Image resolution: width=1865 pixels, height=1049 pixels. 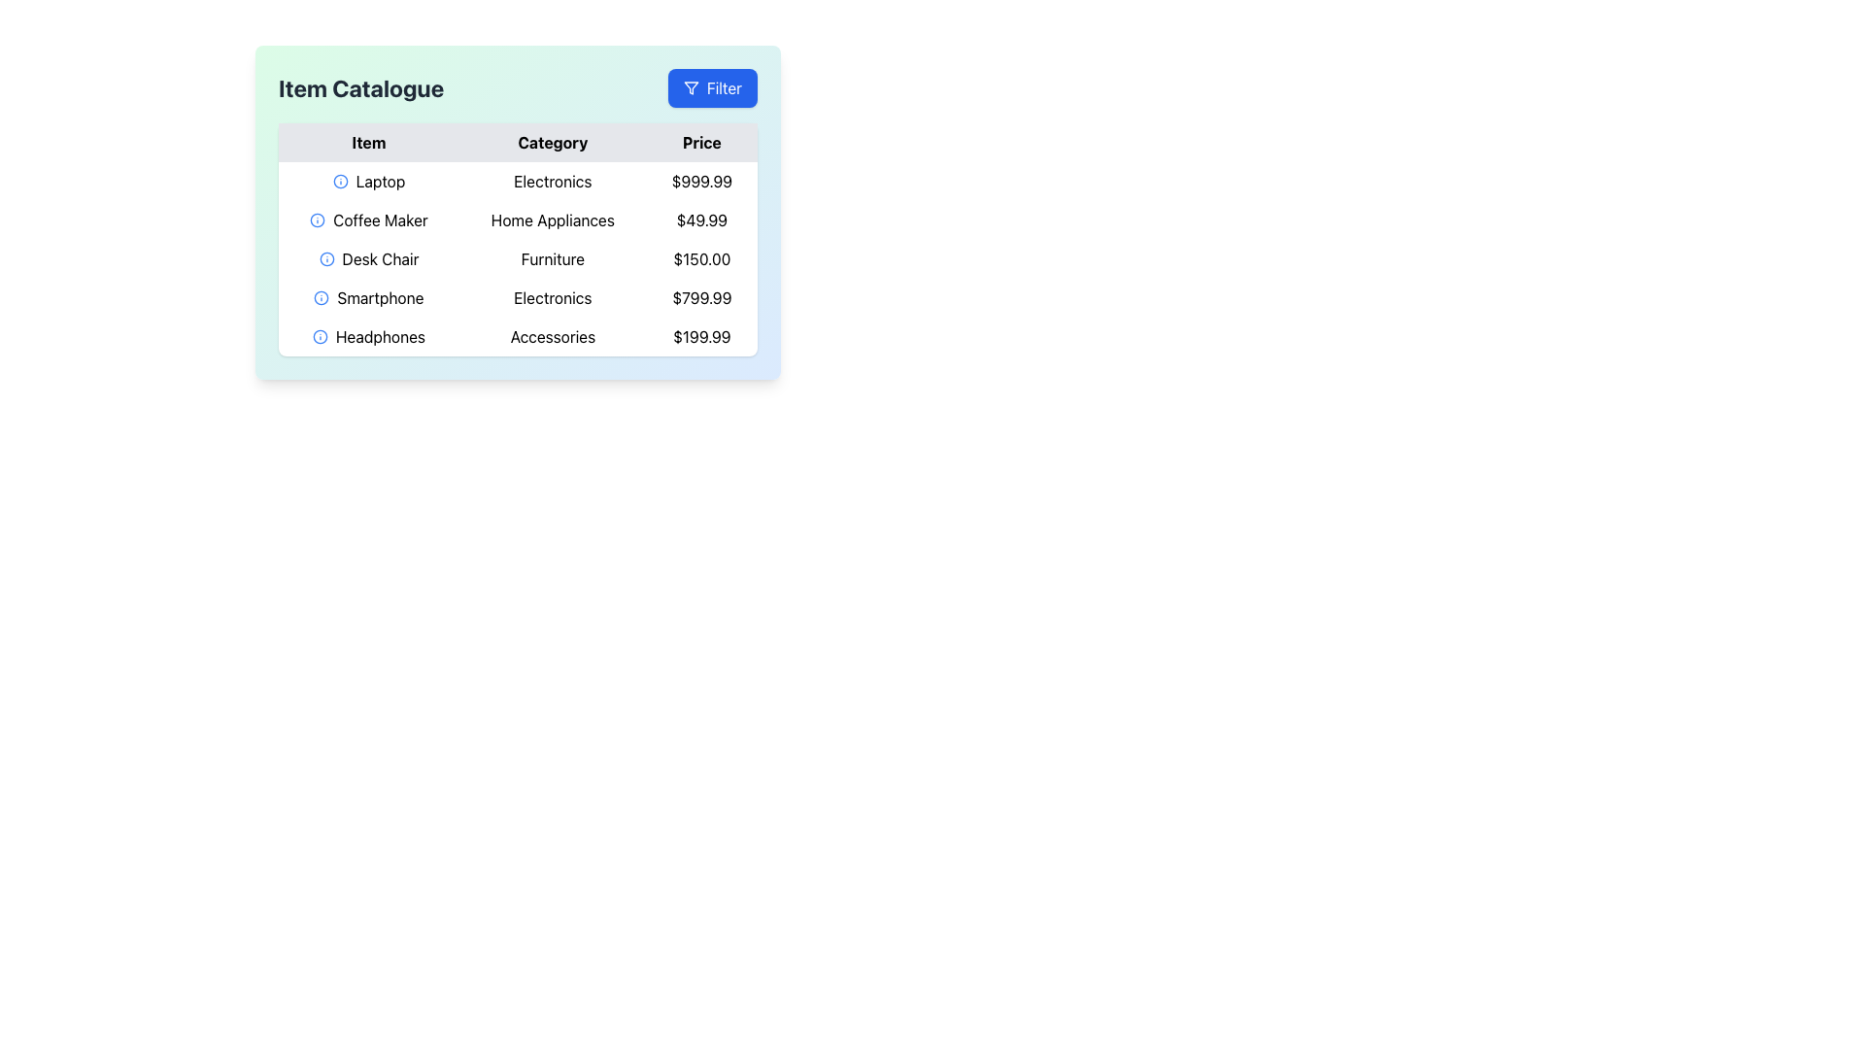 I want to click on the Text label displaying 'Smartphone' in the third row of the 'Item' column of the 'Item Catalogue' table, so click(x=368, y=298).